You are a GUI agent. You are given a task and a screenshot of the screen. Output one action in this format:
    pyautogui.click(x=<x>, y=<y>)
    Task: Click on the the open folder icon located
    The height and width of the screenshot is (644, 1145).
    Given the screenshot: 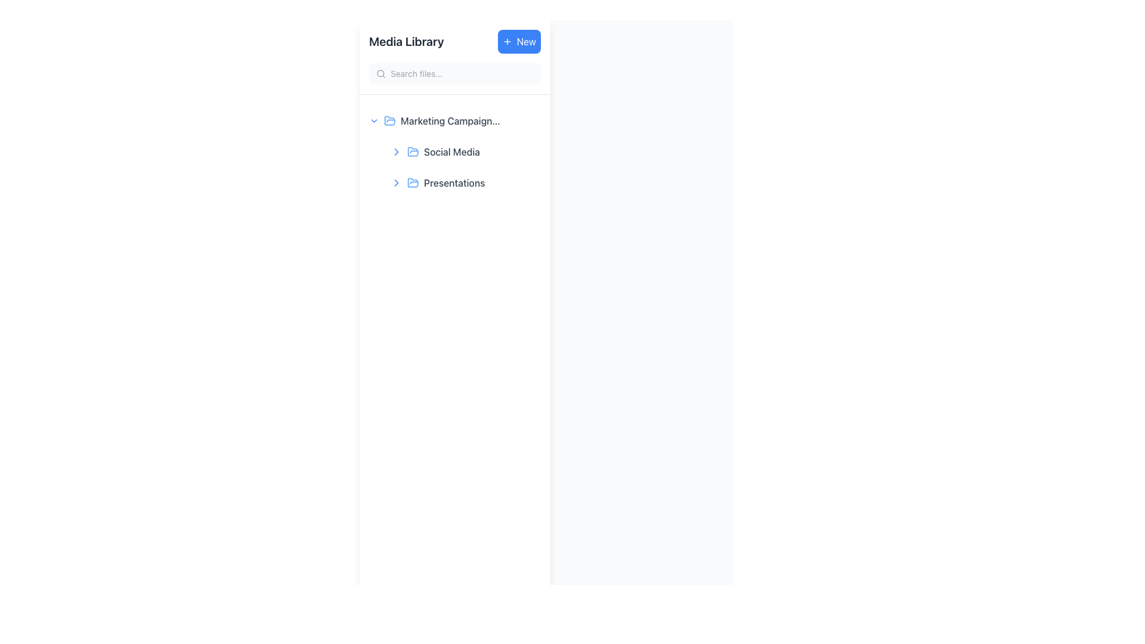 What is the action you would take?
    pyautogui.click(x=413, y=151)
    